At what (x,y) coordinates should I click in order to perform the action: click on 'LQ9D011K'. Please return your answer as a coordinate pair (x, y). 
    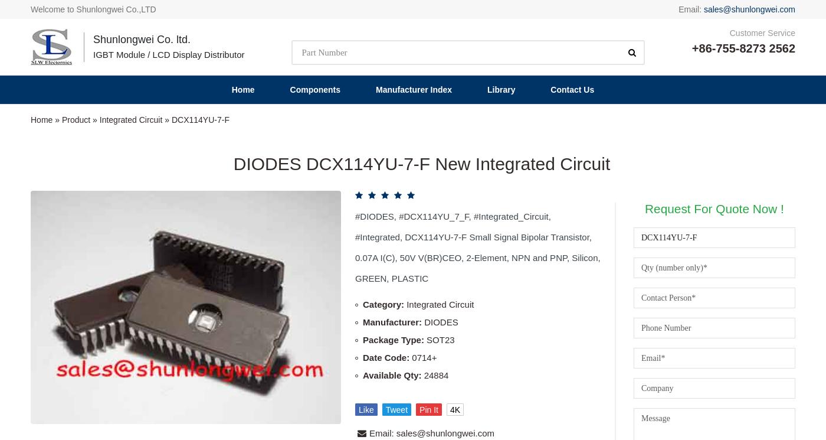
    Looking at the image, I should click on (608, 347).